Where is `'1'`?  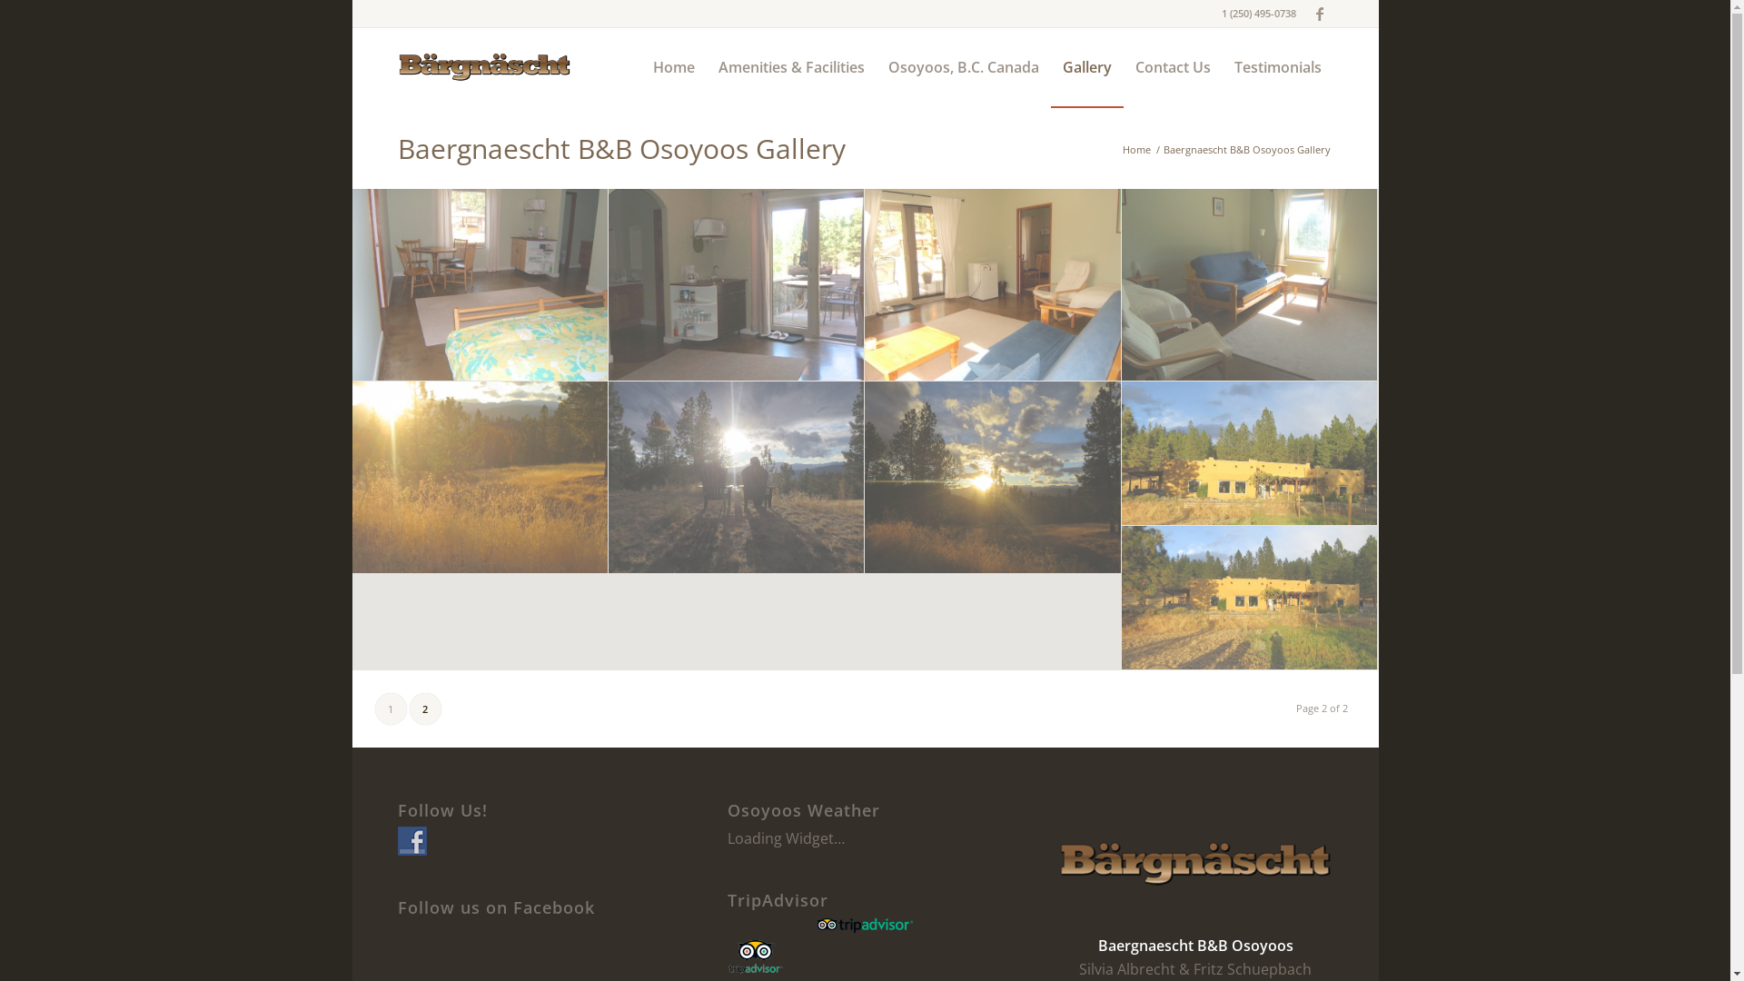 '1' is located at coordinates (389, 708).